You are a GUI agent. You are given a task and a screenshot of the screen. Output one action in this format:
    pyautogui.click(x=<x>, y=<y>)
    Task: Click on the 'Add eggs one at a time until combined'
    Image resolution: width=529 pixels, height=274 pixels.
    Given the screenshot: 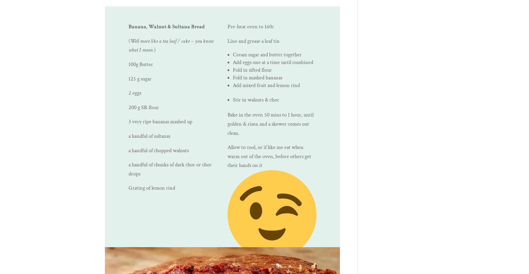 What is the action you would take?
    pyautogui.click(x=273, y=62)
    